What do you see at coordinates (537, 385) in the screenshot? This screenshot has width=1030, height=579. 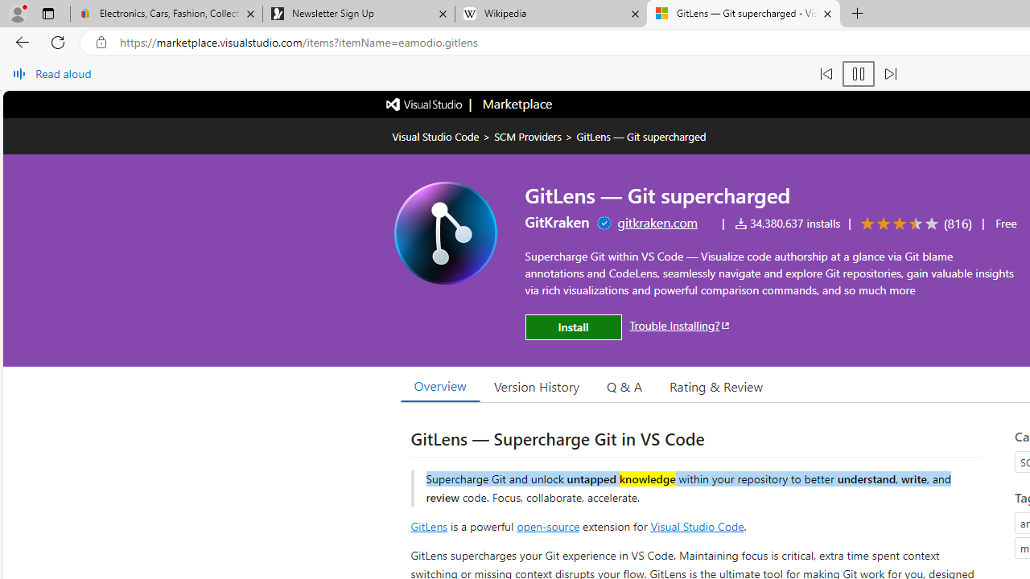 I see `'Version History'` at bounding box center [537, 385].